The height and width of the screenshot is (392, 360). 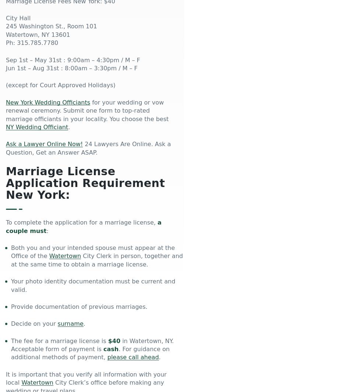 What do you see at coordinates (87, 110) in the screenshot?
I see `'for your wedding or vow renewal ceremony. Submit one form to top-rated marriage officiants in your locality. You choose the best'` at bounding box center [87, 110].